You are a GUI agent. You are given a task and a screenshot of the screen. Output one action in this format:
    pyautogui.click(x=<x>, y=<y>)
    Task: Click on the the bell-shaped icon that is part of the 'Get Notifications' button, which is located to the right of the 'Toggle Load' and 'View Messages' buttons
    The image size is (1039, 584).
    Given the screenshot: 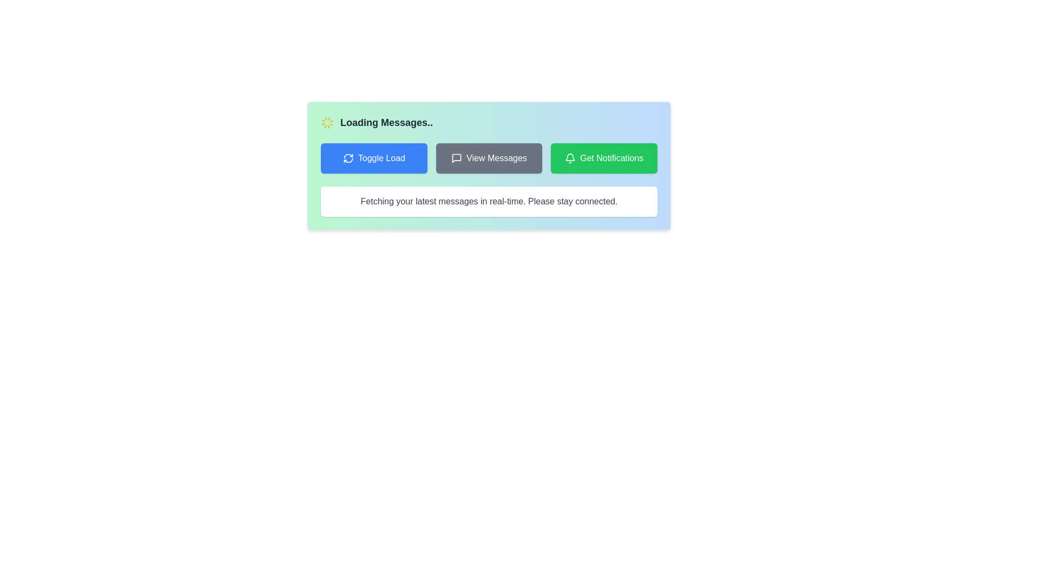 What is the action you would take?
    pyautogui.click(x=569, y=158)
    